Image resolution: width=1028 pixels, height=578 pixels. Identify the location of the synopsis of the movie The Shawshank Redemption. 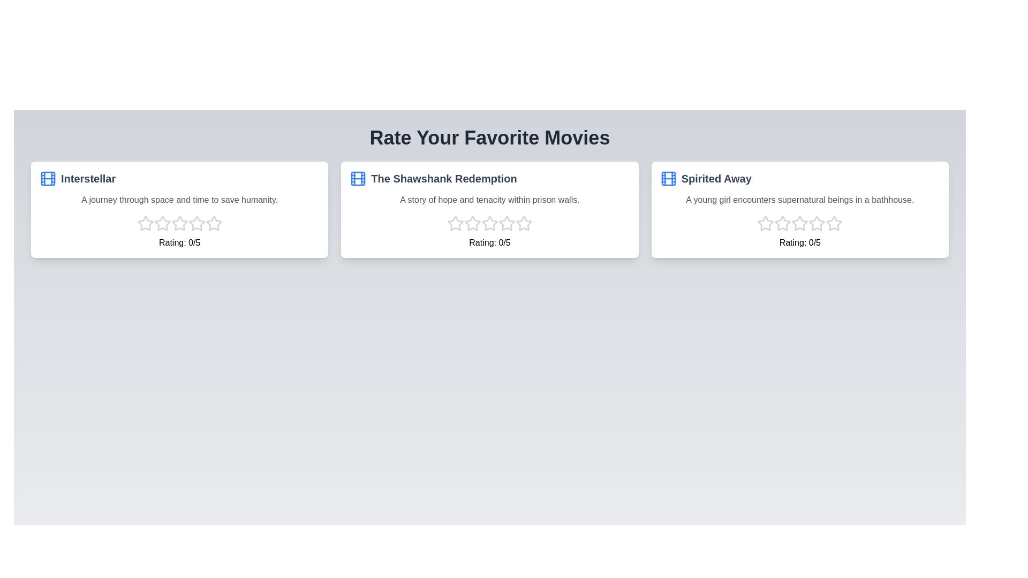
(489, 200).